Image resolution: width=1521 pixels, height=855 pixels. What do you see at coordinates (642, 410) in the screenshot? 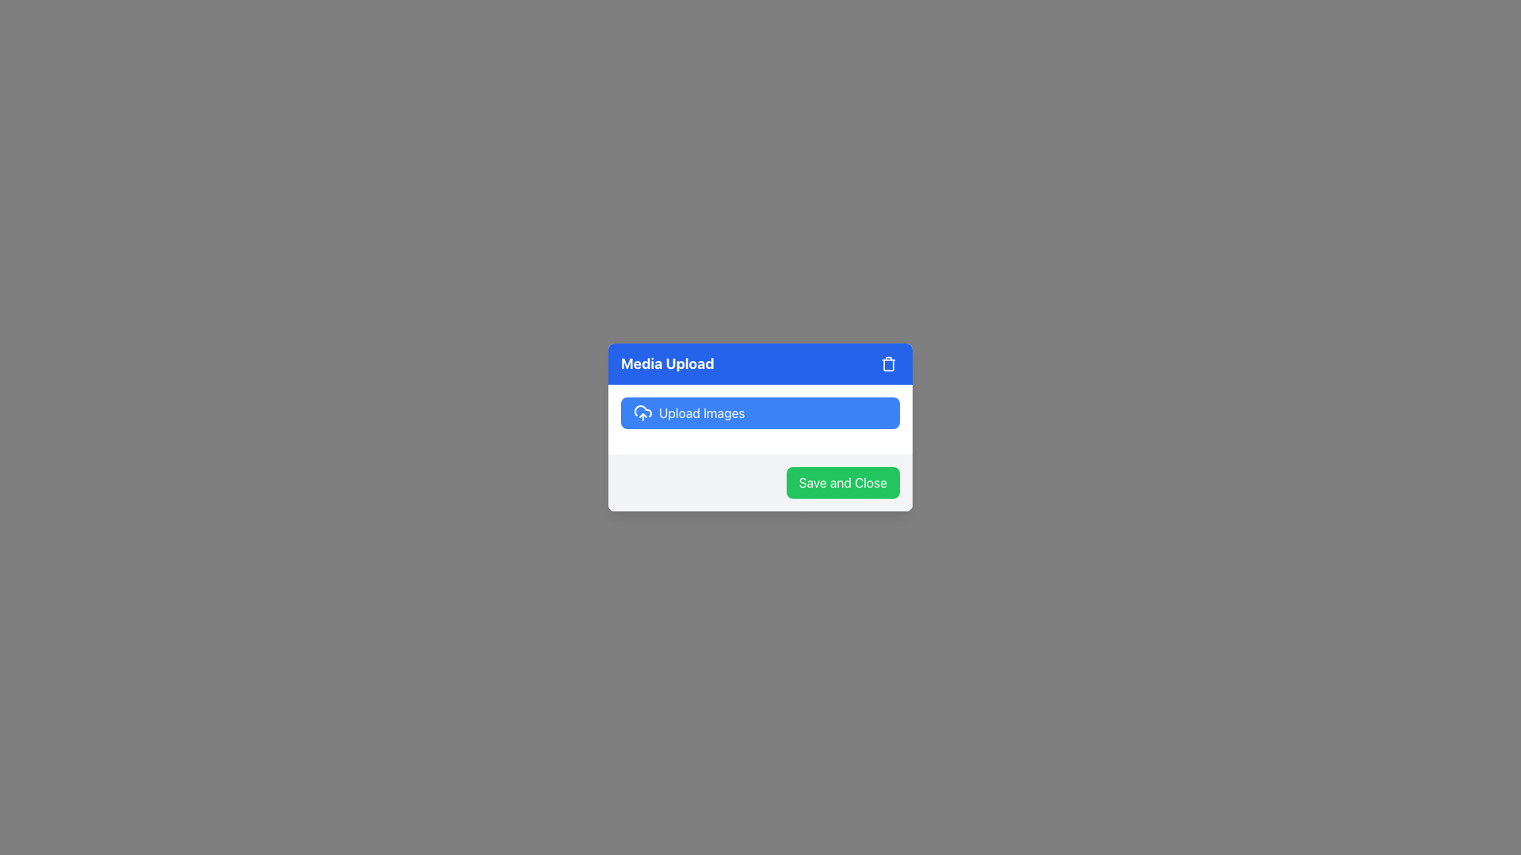
I see `the decorative cloud icon next to the 'Upload Images' button in the 'Media Upload' interface window` at bounding box center [642, 410].